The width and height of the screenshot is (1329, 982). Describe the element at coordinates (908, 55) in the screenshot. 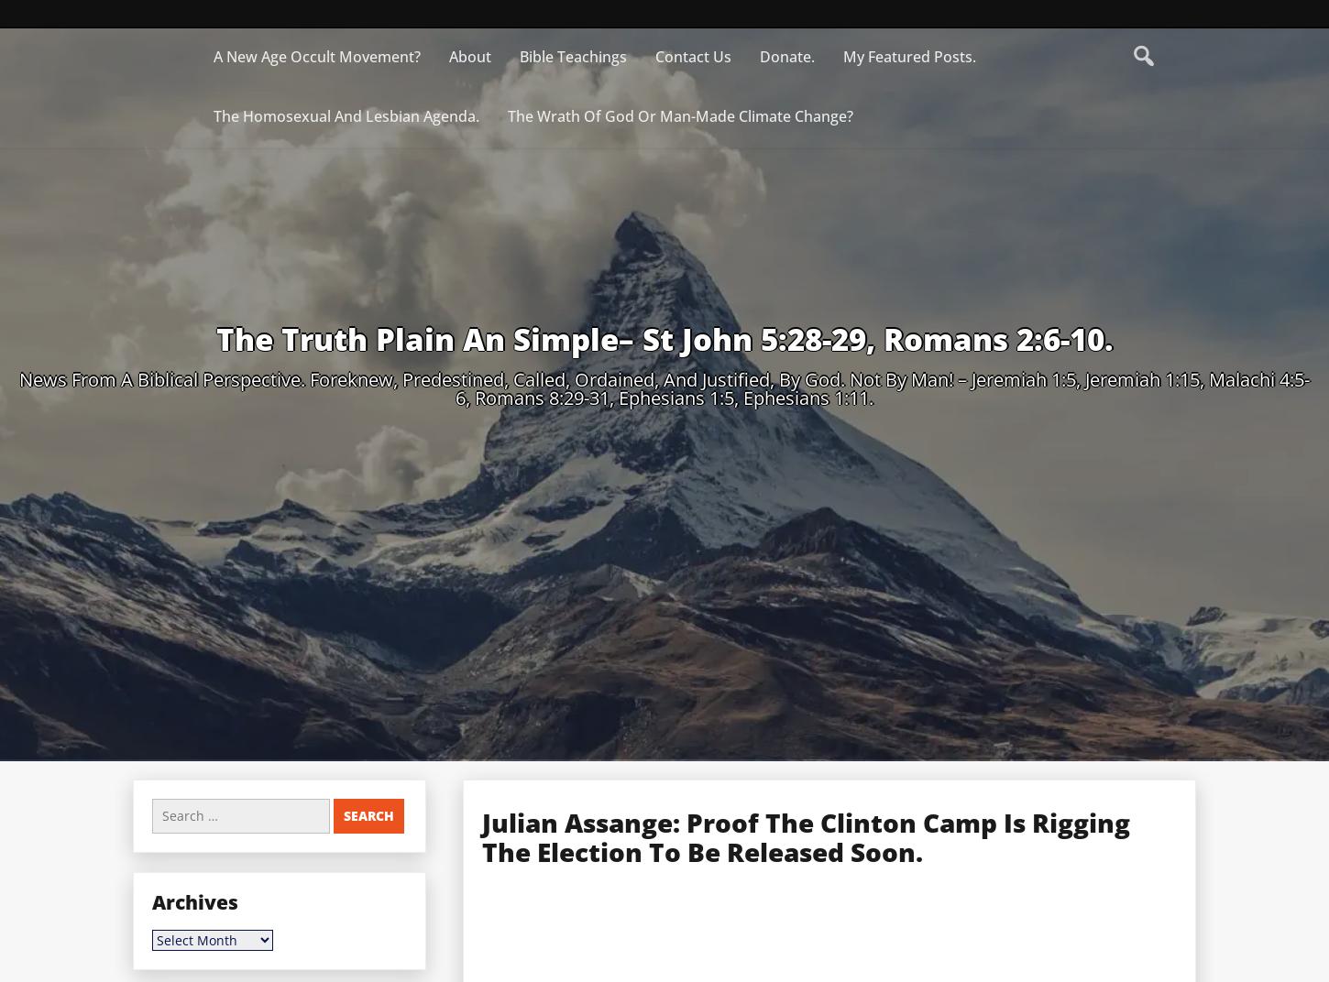

I see `'My Featured Posts.'` at that location.